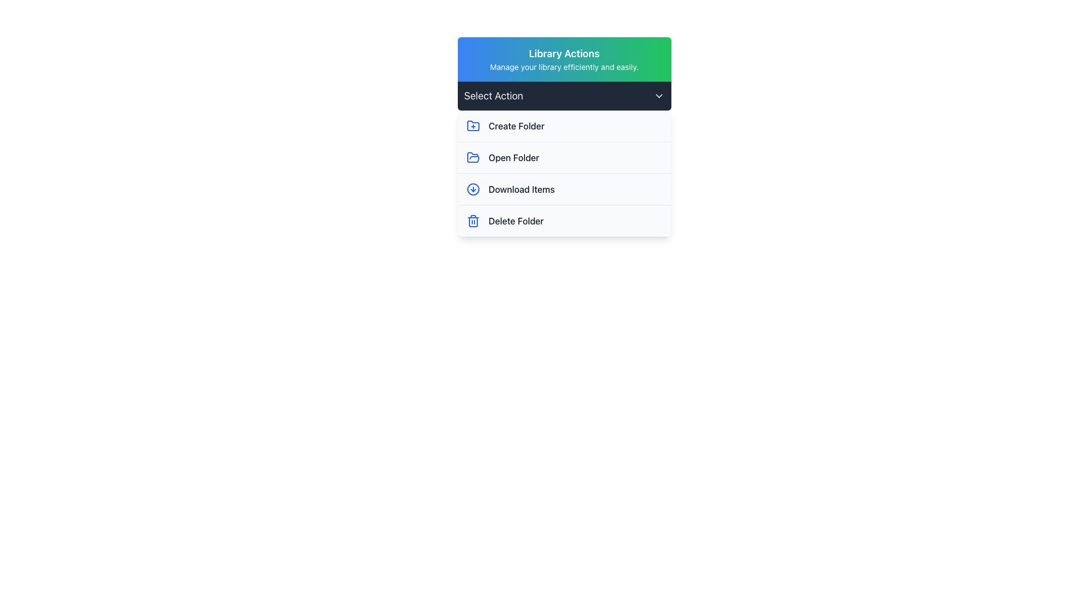  What do you see at coordinates (493, 96) in the screenshot?
I see `the text label that serves as a title for the dropdown menu, positioned to the left of the chevron-down icon` at bounding box center [493, 96].